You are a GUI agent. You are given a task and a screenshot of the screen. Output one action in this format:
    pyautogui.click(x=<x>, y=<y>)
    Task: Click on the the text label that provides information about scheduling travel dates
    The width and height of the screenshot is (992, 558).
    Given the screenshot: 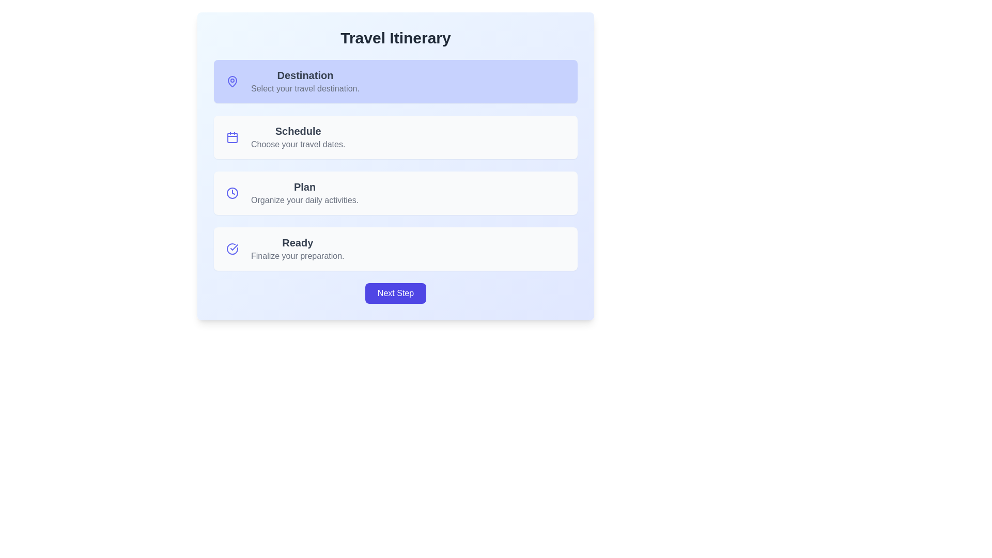 What is the action you would take?
    pyautogui.click(x=298, y=137)
    